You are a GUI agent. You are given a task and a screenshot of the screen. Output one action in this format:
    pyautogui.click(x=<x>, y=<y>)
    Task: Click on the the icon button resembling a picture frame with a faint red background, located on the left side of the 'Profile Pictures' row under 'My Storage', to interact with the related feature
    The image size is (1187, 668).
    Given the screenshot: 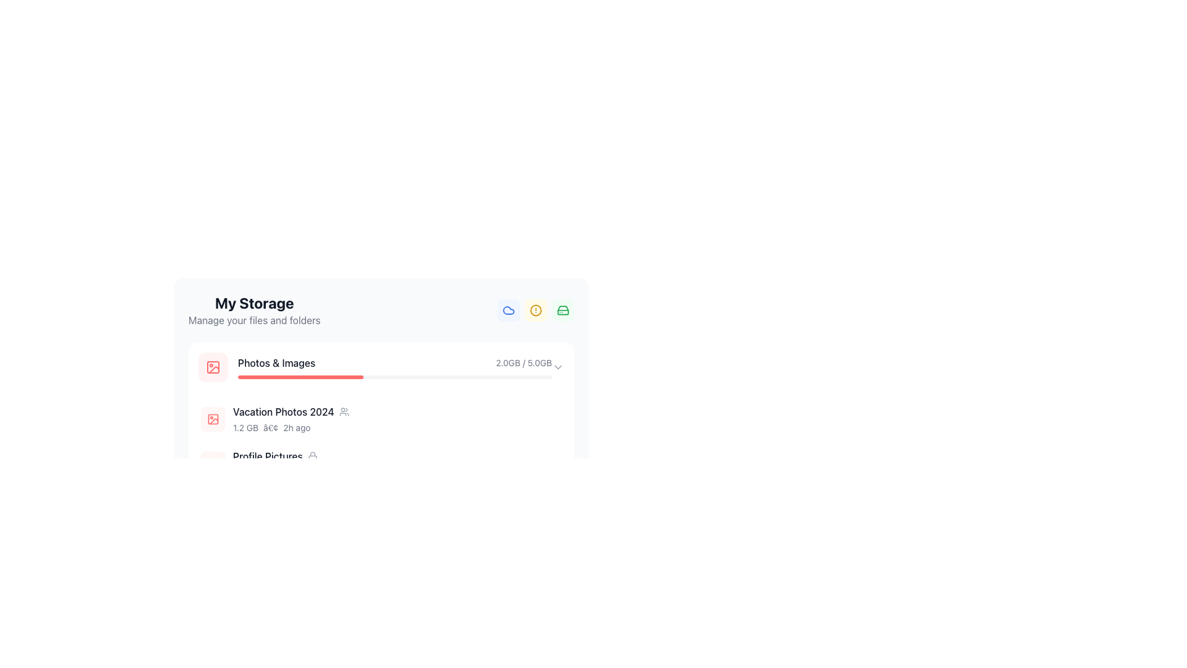 What is the action you would take?
    pyautogui.click(x=213, y=463)
    